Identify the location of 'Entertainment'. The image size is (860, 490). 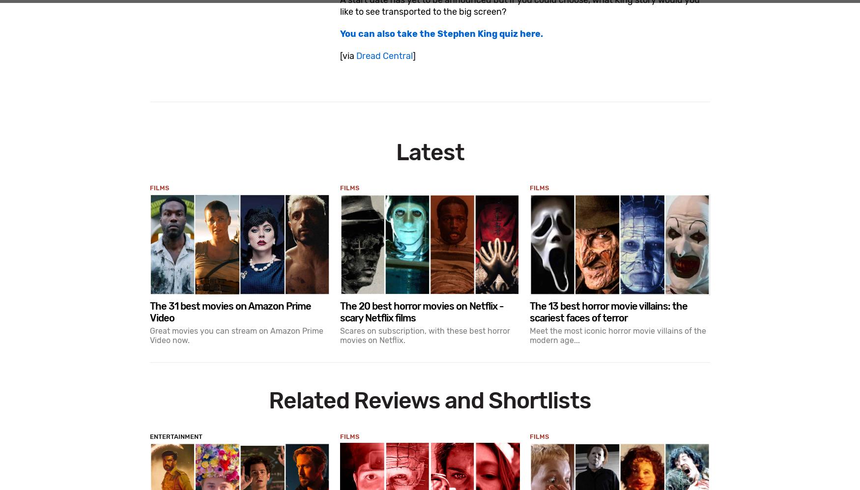
(176, 435).